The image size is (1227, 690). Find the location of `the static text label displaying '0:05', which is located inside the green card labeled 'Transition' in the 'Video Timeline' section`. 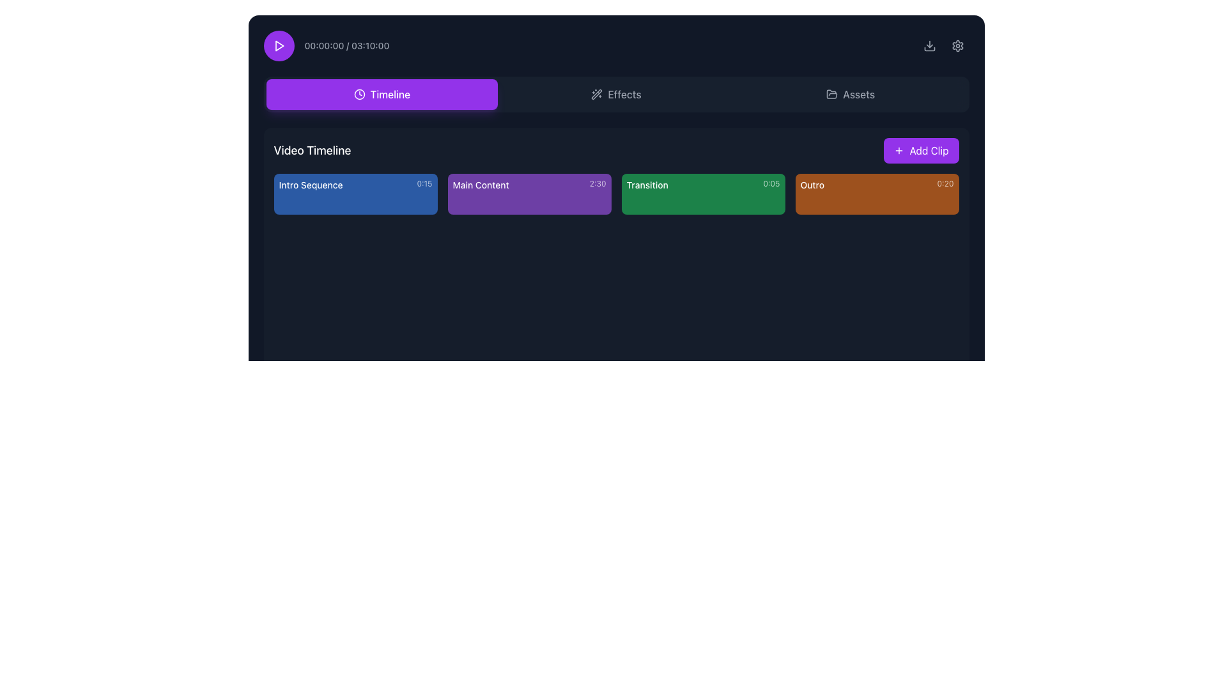

the static text label displaying '0:05', which is located inside the green card labeled 'Transition' in the 'Video Timeline' section is located at coordinates (771, 184).